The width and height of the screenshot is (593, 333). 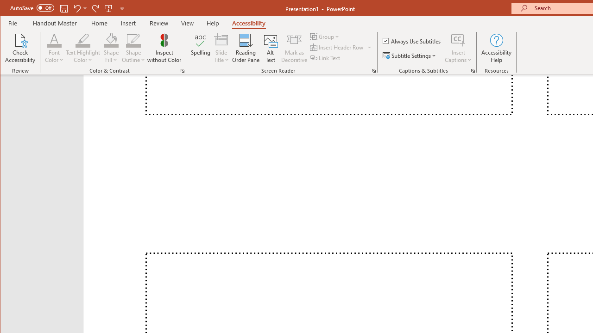 What do you see at coordinates (133, 39) in the screenshot?
I see `'Shape Outline Blue, Accent 1'` at bounding box center [133, 39].